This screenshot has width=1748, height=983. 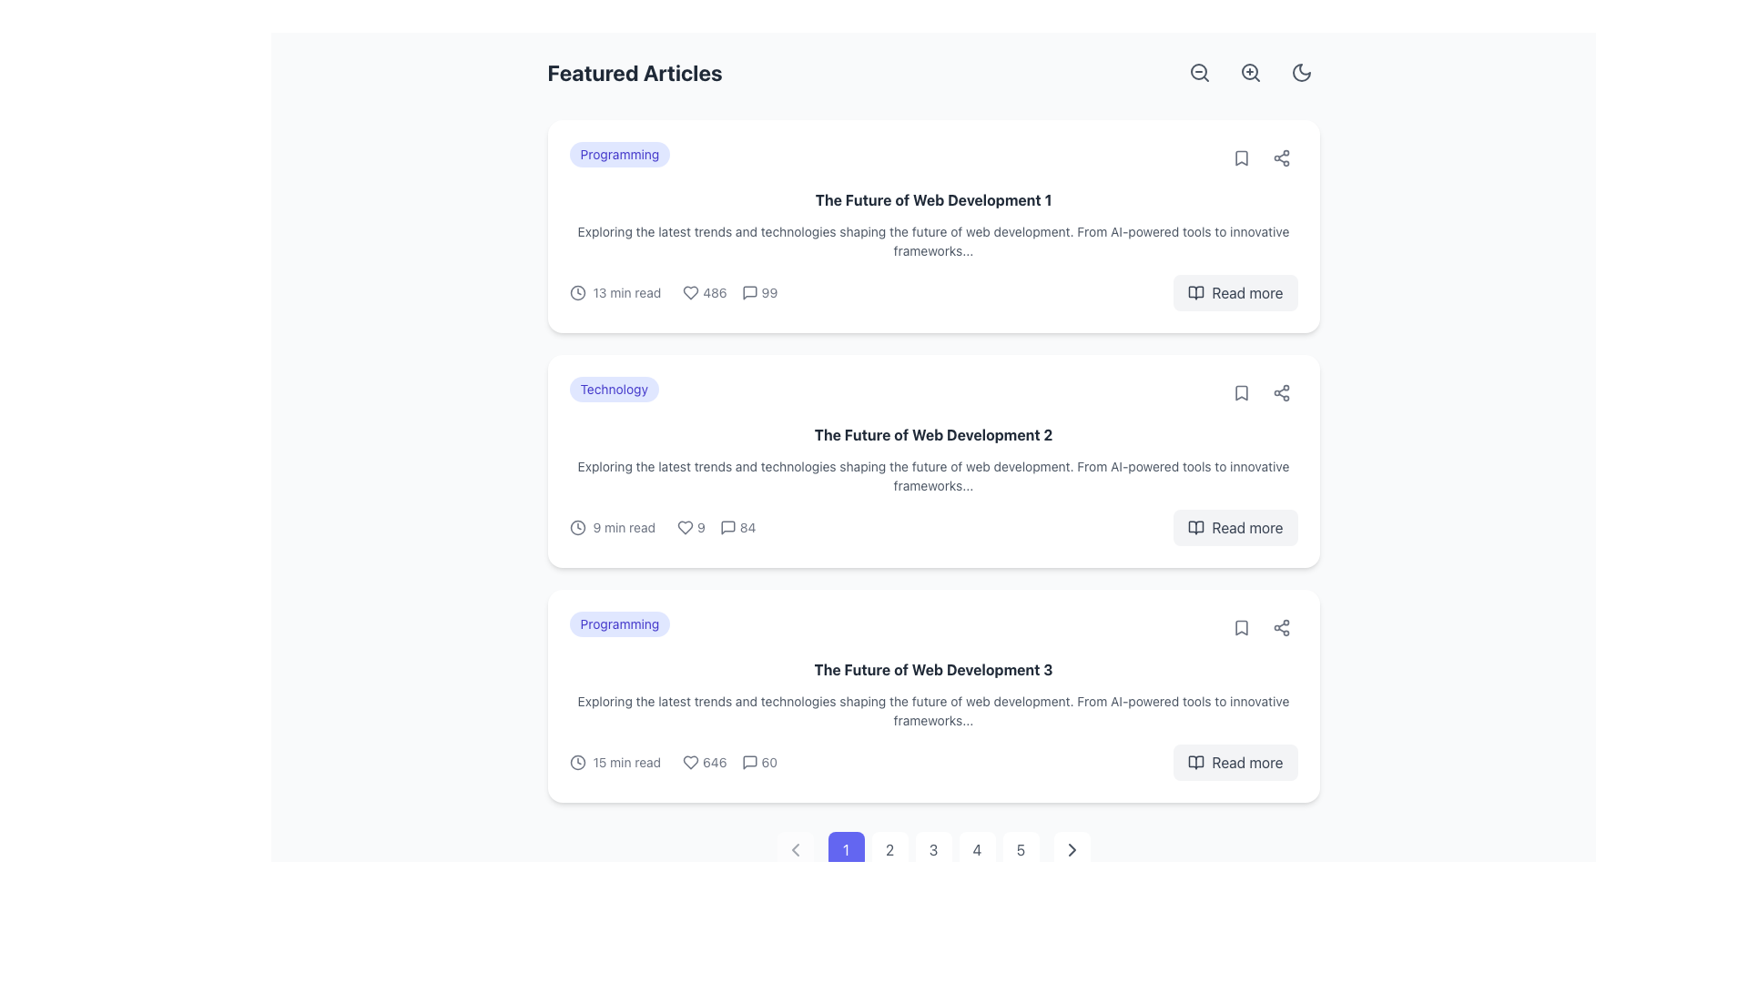 I want to click on the Text Label that indicates the estimated reading time for the article, located in the last article preview card, between the clock icon and metadata about likes and comments, so click(x=626, y=762).